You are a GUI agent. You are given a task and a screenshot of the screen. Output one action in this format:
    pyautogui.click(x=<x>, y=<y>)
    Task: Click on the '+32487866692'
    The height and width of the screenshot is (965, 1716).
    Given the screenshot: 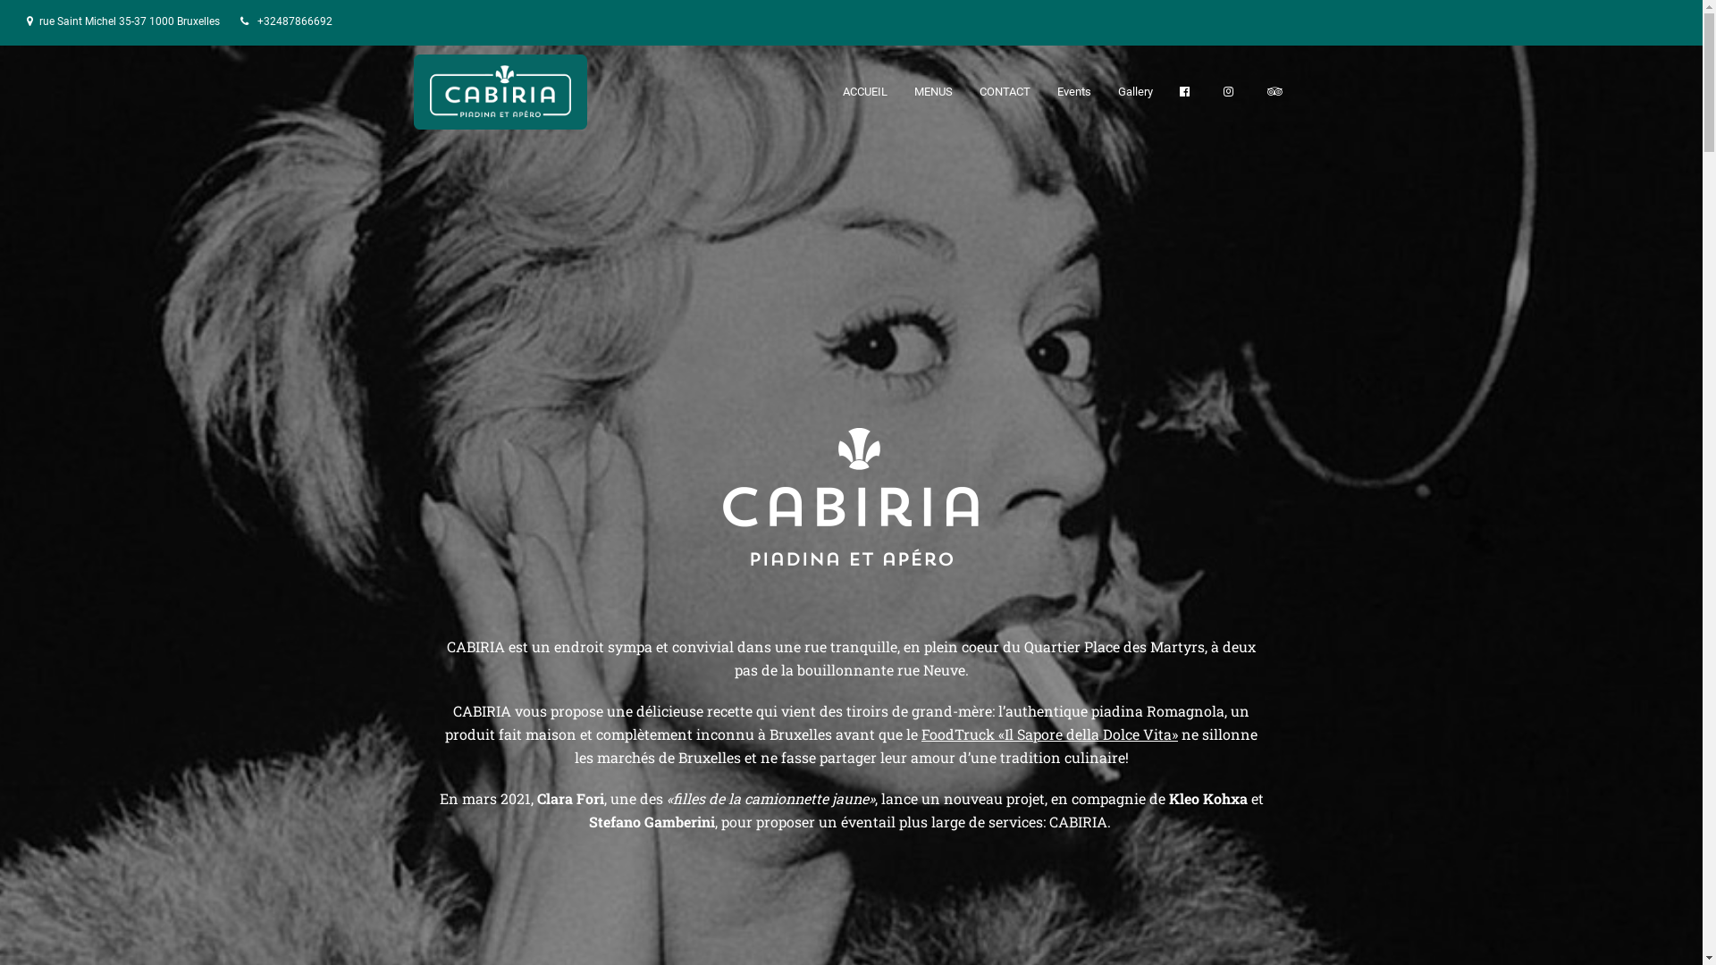 What is the action you would take?
    pyautogui.click(x=295, y=21)
    